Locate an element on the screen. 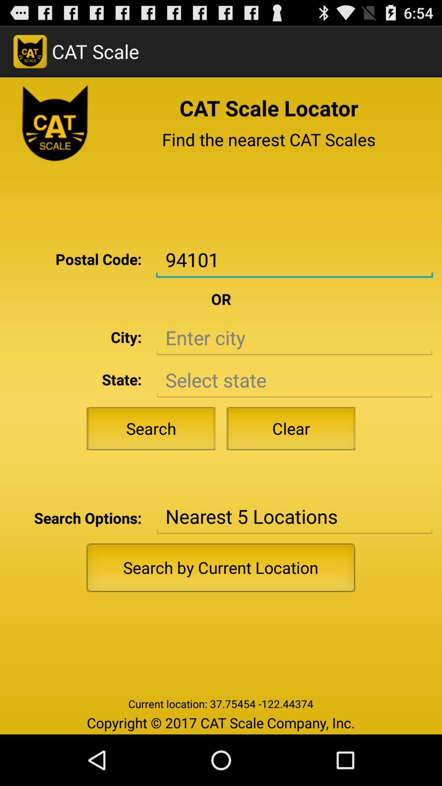 This screenshot has height=786, width=442. type into this is located at coordinates (294, 338).